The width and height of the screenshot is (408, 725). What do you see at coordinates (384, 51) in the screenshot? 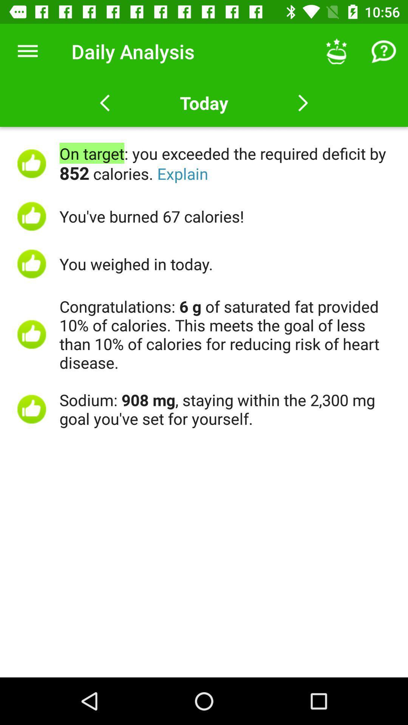
I see `item above the on target you item` at bounding box center [384, 51].